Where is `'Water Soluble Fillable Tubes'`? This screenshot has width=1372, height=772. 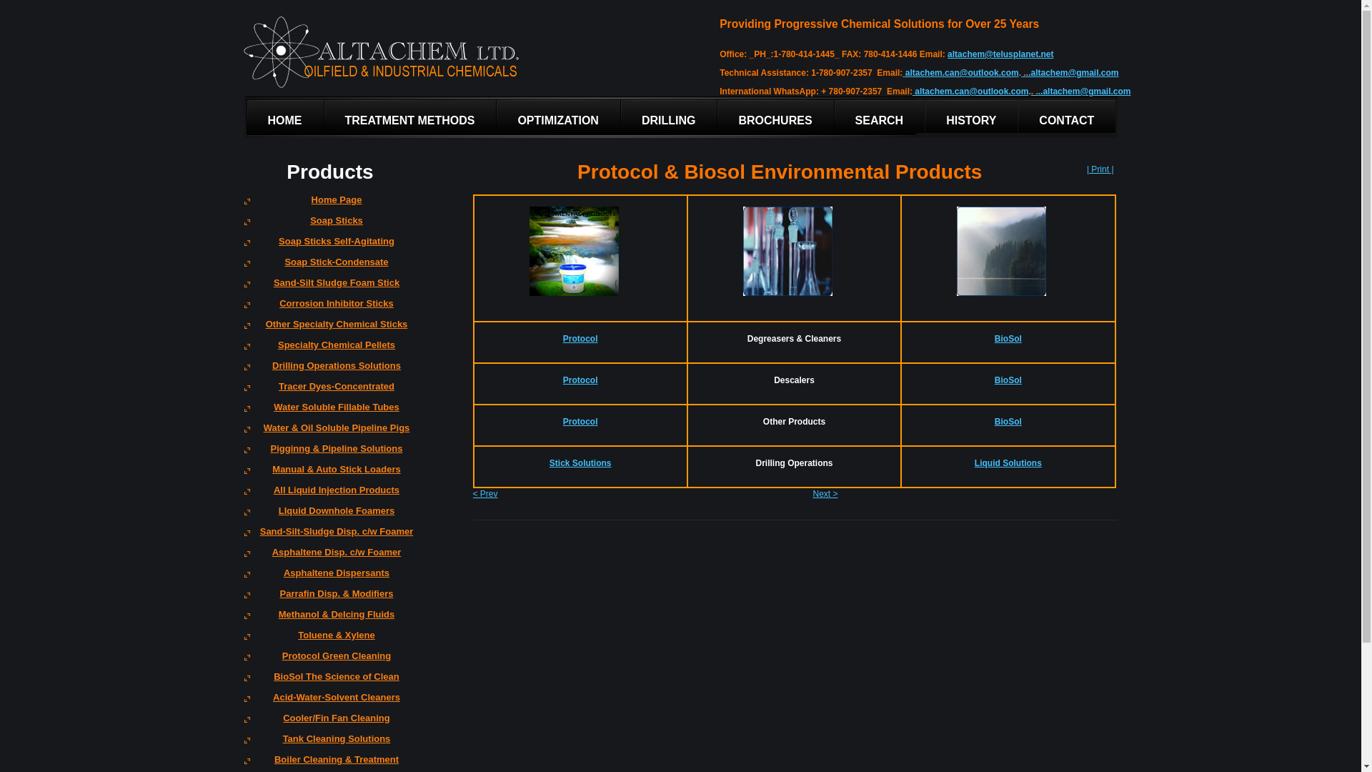
'Water Soluble Fillable Tubes' is located at coordinates (329, 412).